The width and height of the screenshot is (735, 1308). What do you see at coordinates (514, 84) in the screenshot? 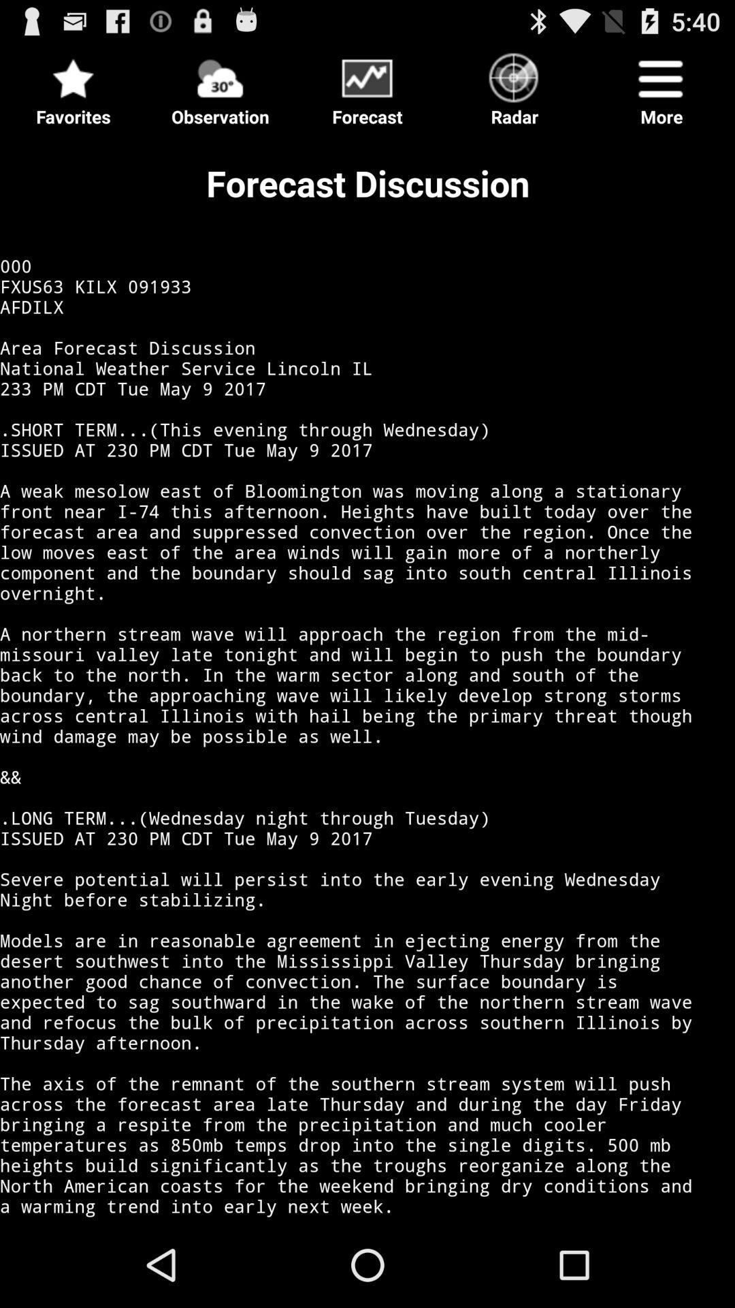
I see `button to the right of forecast button` at bounding box center [514, 84].